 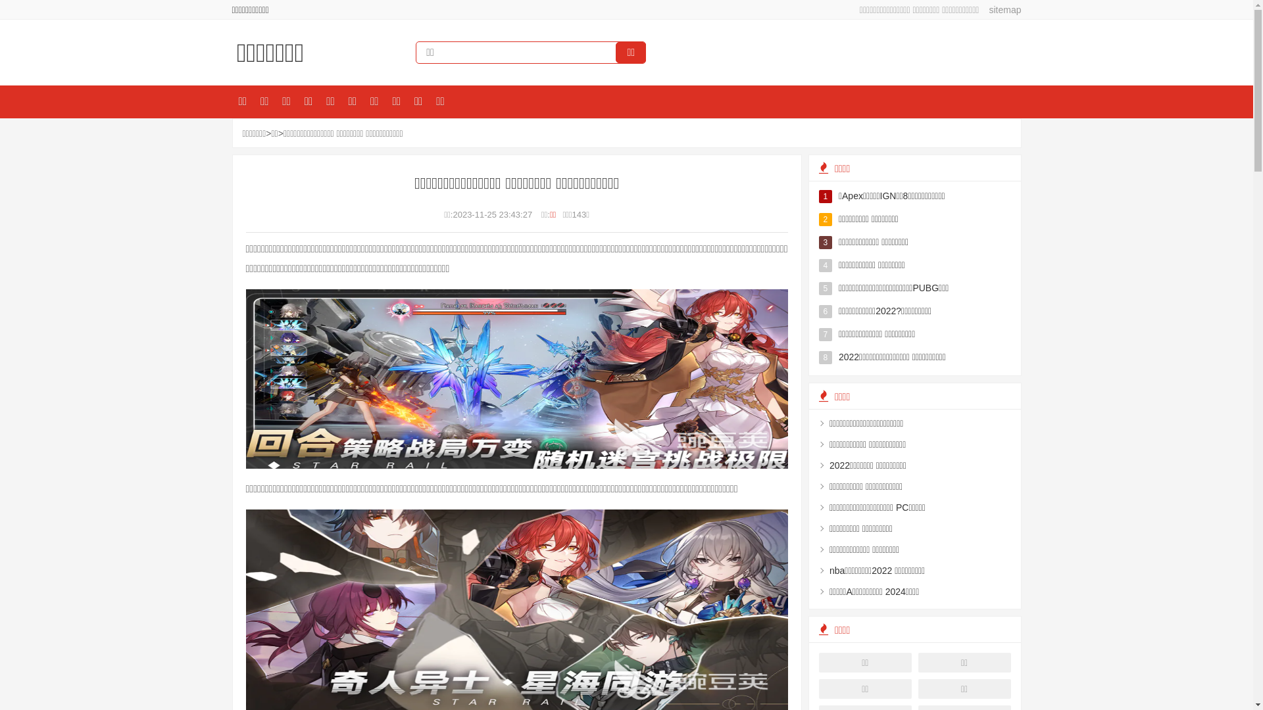 What do you see at coordinates (1000, 10) in the screenshot?
I see `'sitemap'` at bounding box center [1000, 10].